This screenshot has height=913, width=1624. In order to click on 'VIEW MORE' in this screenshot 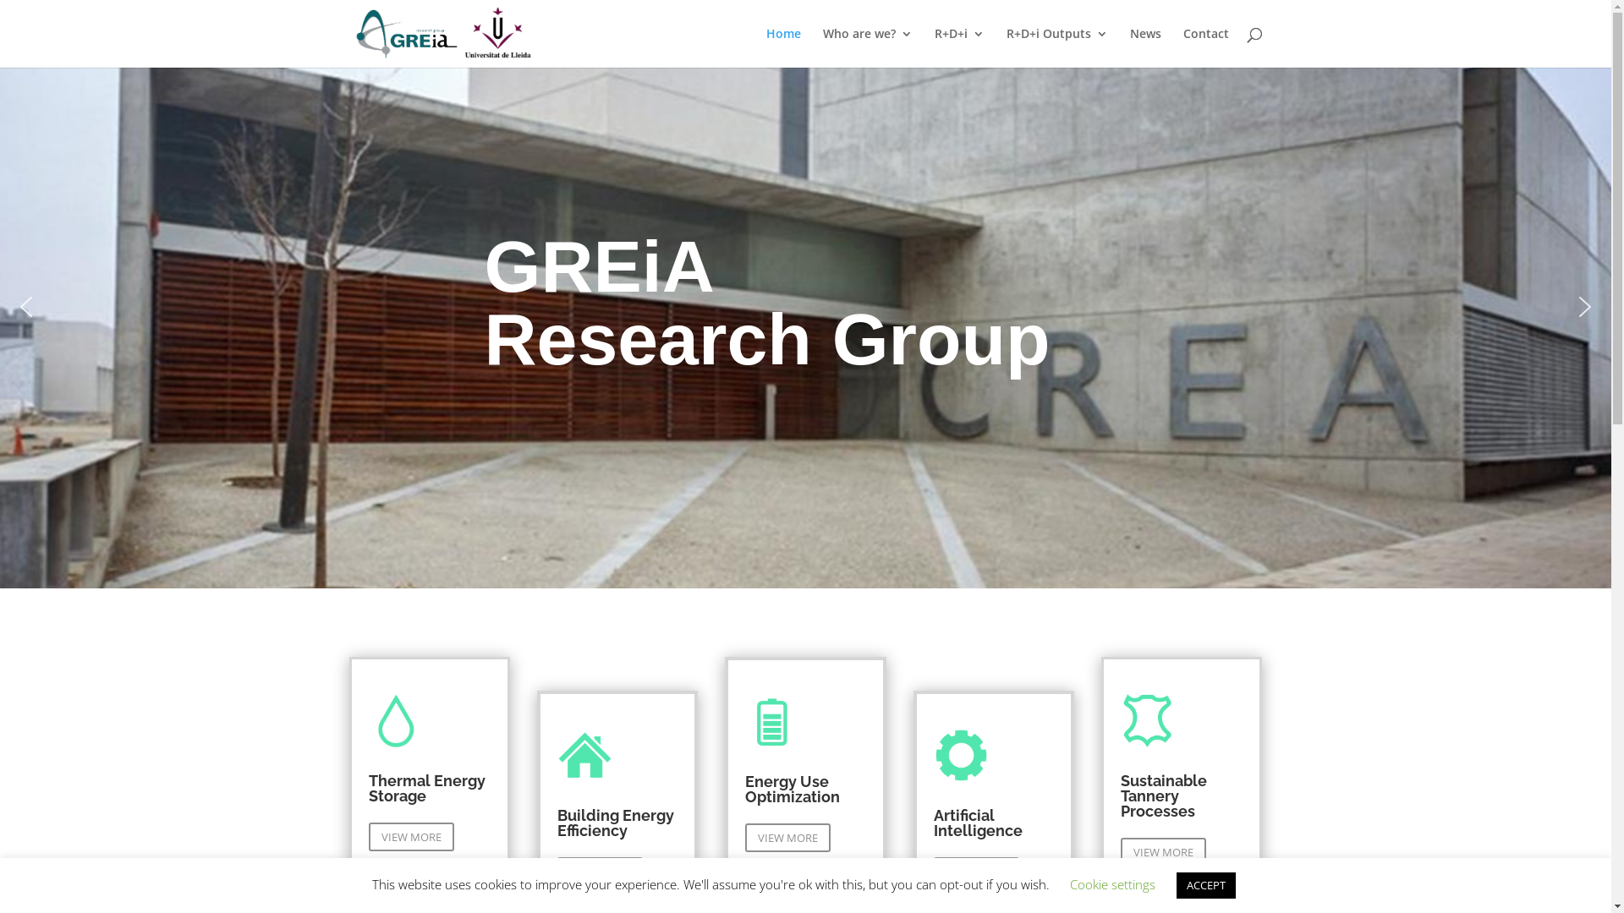, I will do `click(368, 837)`.